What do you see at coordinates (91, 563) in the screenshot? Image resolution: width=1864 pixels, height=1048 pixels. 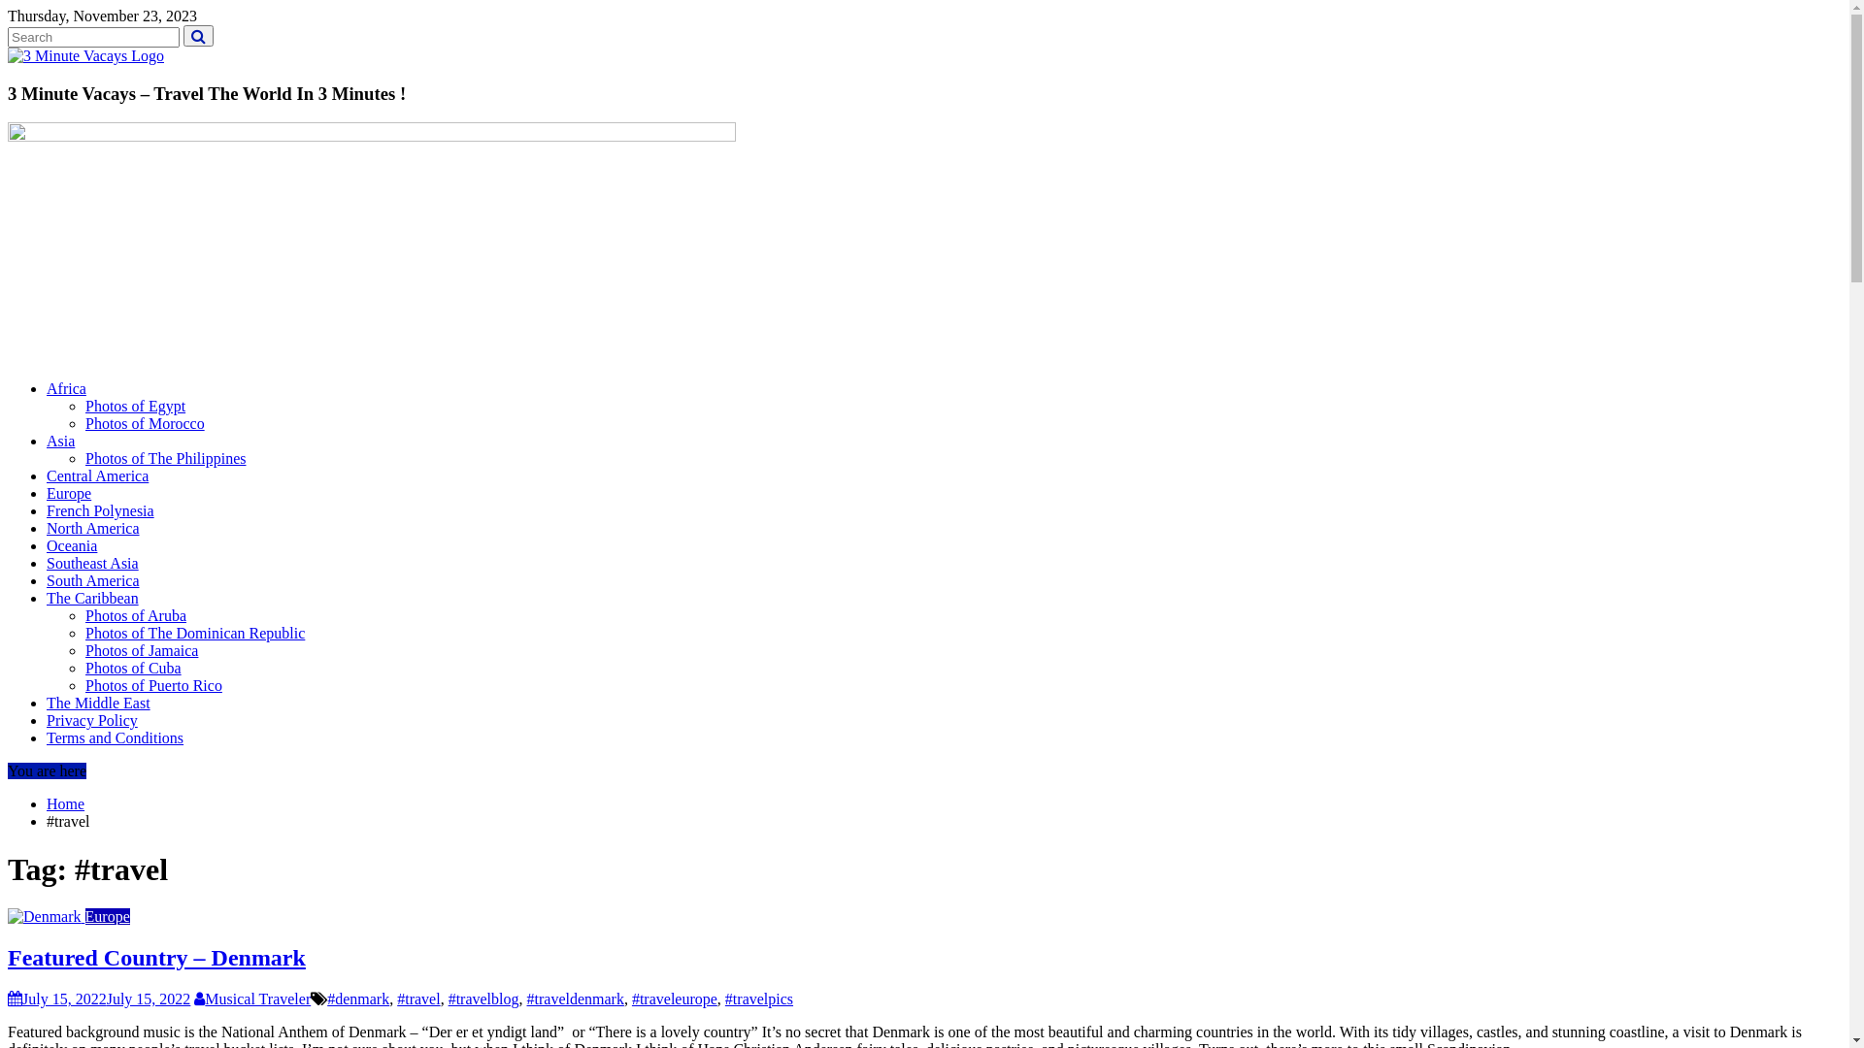 I see `'Southeast Asia'` at bounding box center [91, 563].